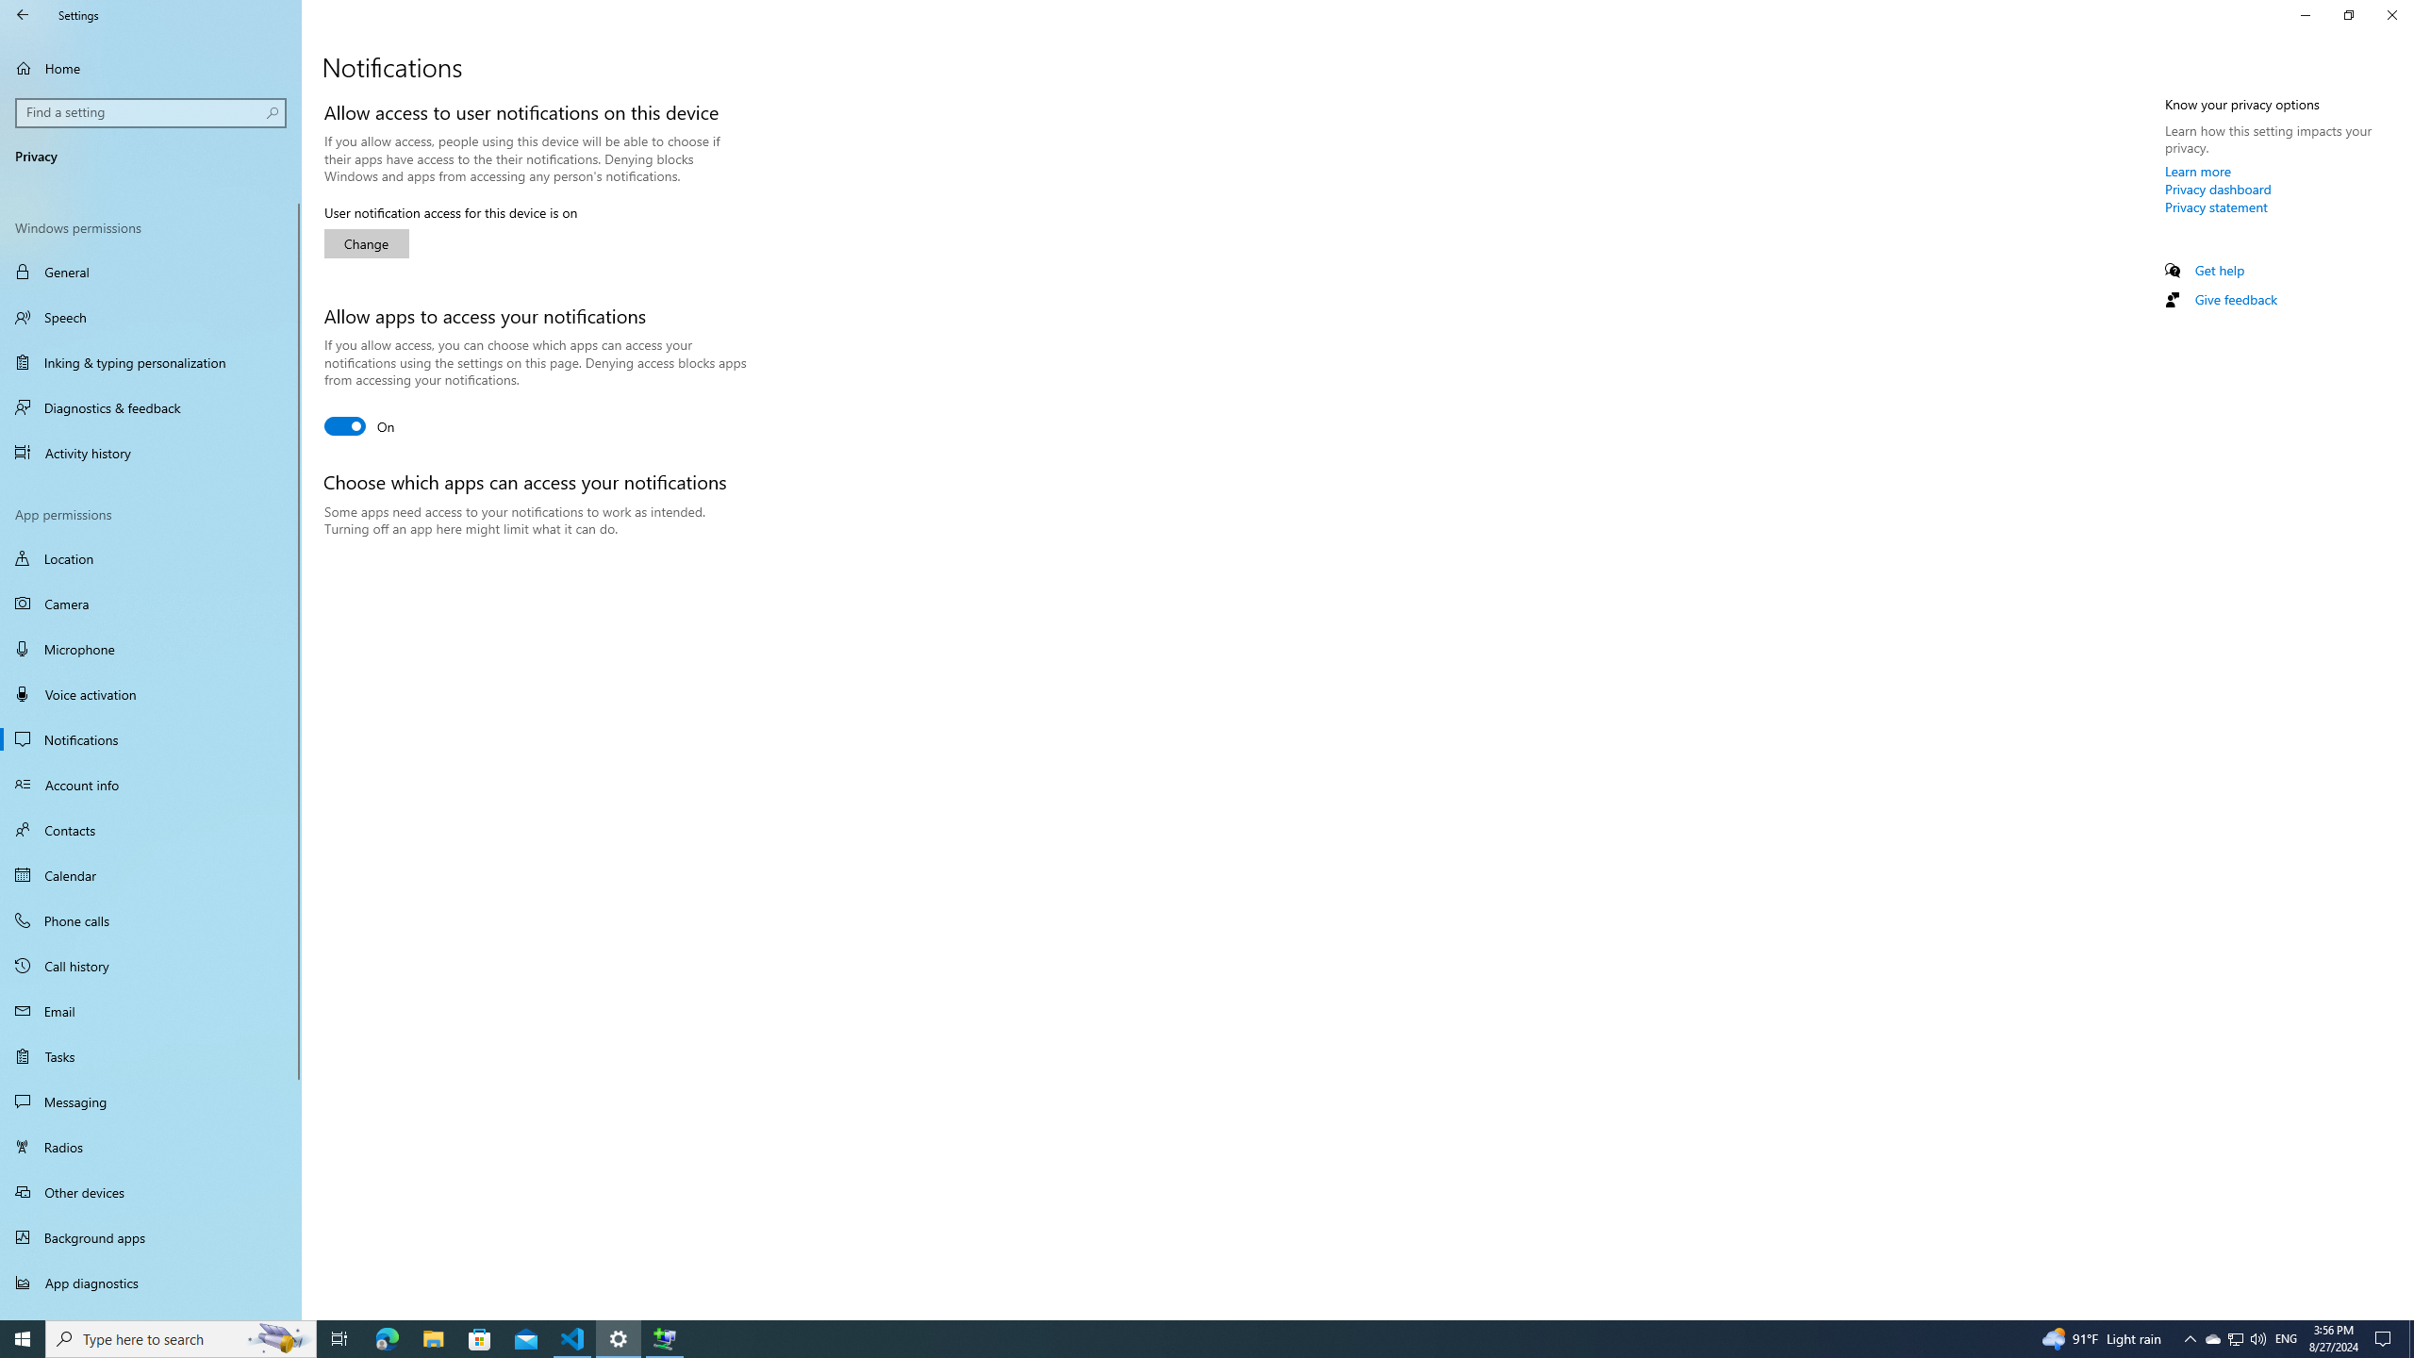 The image size is (2414, 1358). I want to click on 'Calendar', so click(150, 874).